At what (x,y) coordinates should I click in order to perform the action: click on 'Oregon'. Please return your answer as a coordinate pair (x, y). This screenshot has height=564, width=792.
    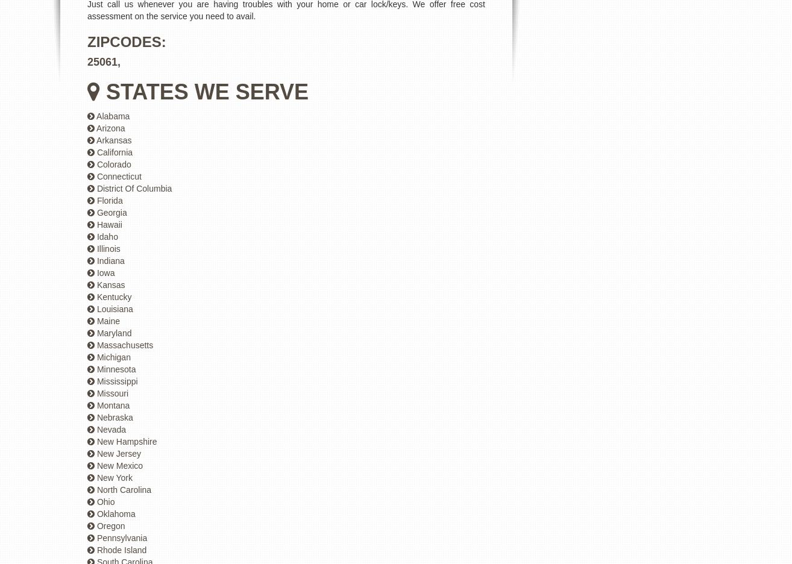
    Looking at the image, I should click on (109, 525).